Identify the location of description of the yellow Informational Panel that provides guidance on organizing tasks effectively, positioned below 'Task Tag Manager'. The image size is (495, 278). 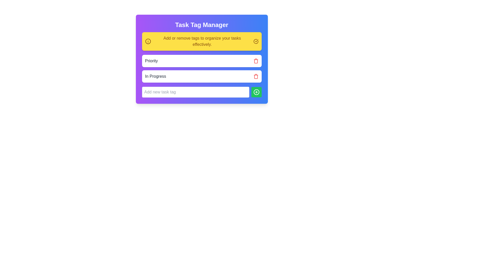
(201, 41).